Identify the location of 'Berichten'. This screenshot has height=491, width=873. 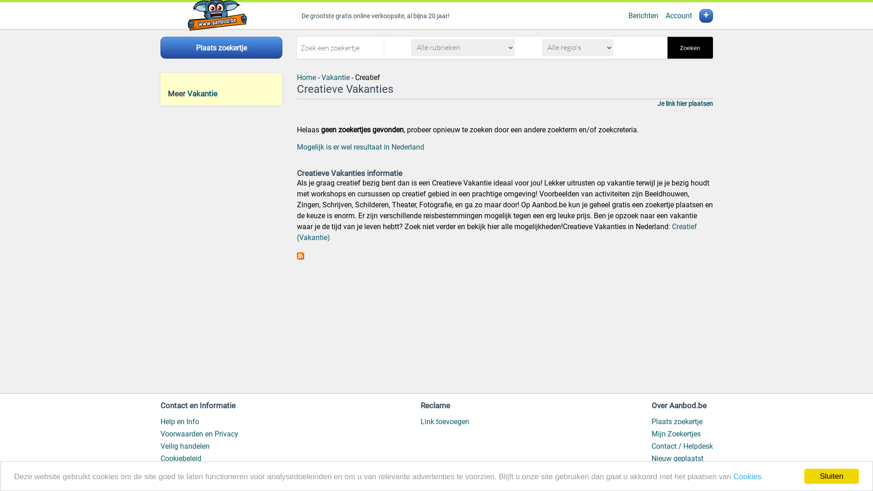
(643, 15).